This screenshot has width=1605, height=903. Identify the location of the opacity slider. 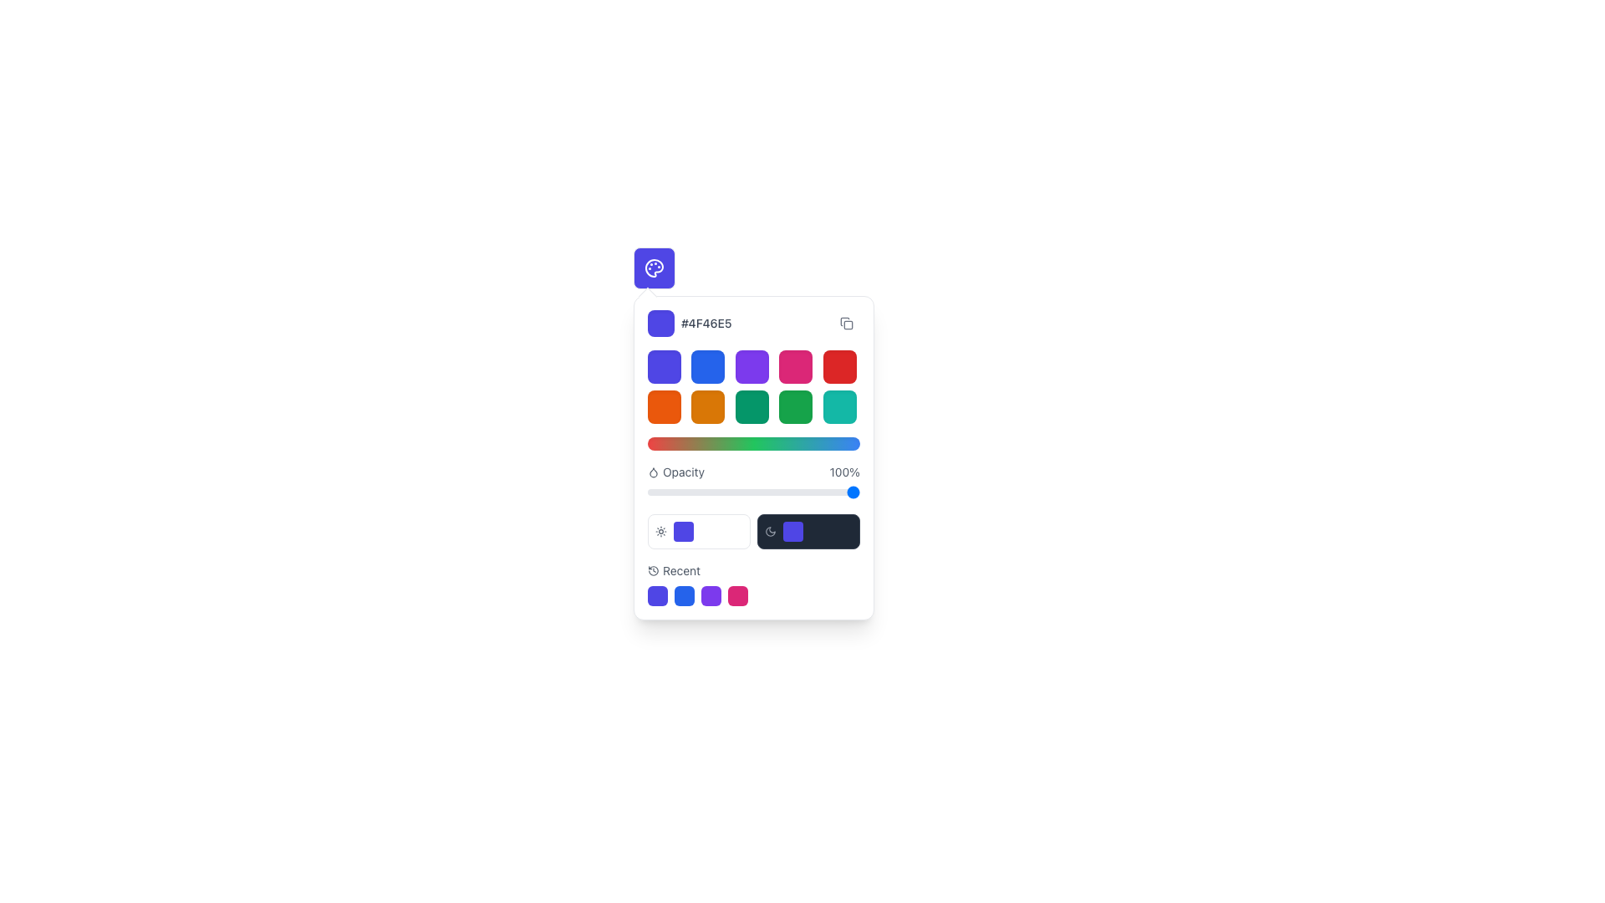
(736, 492).